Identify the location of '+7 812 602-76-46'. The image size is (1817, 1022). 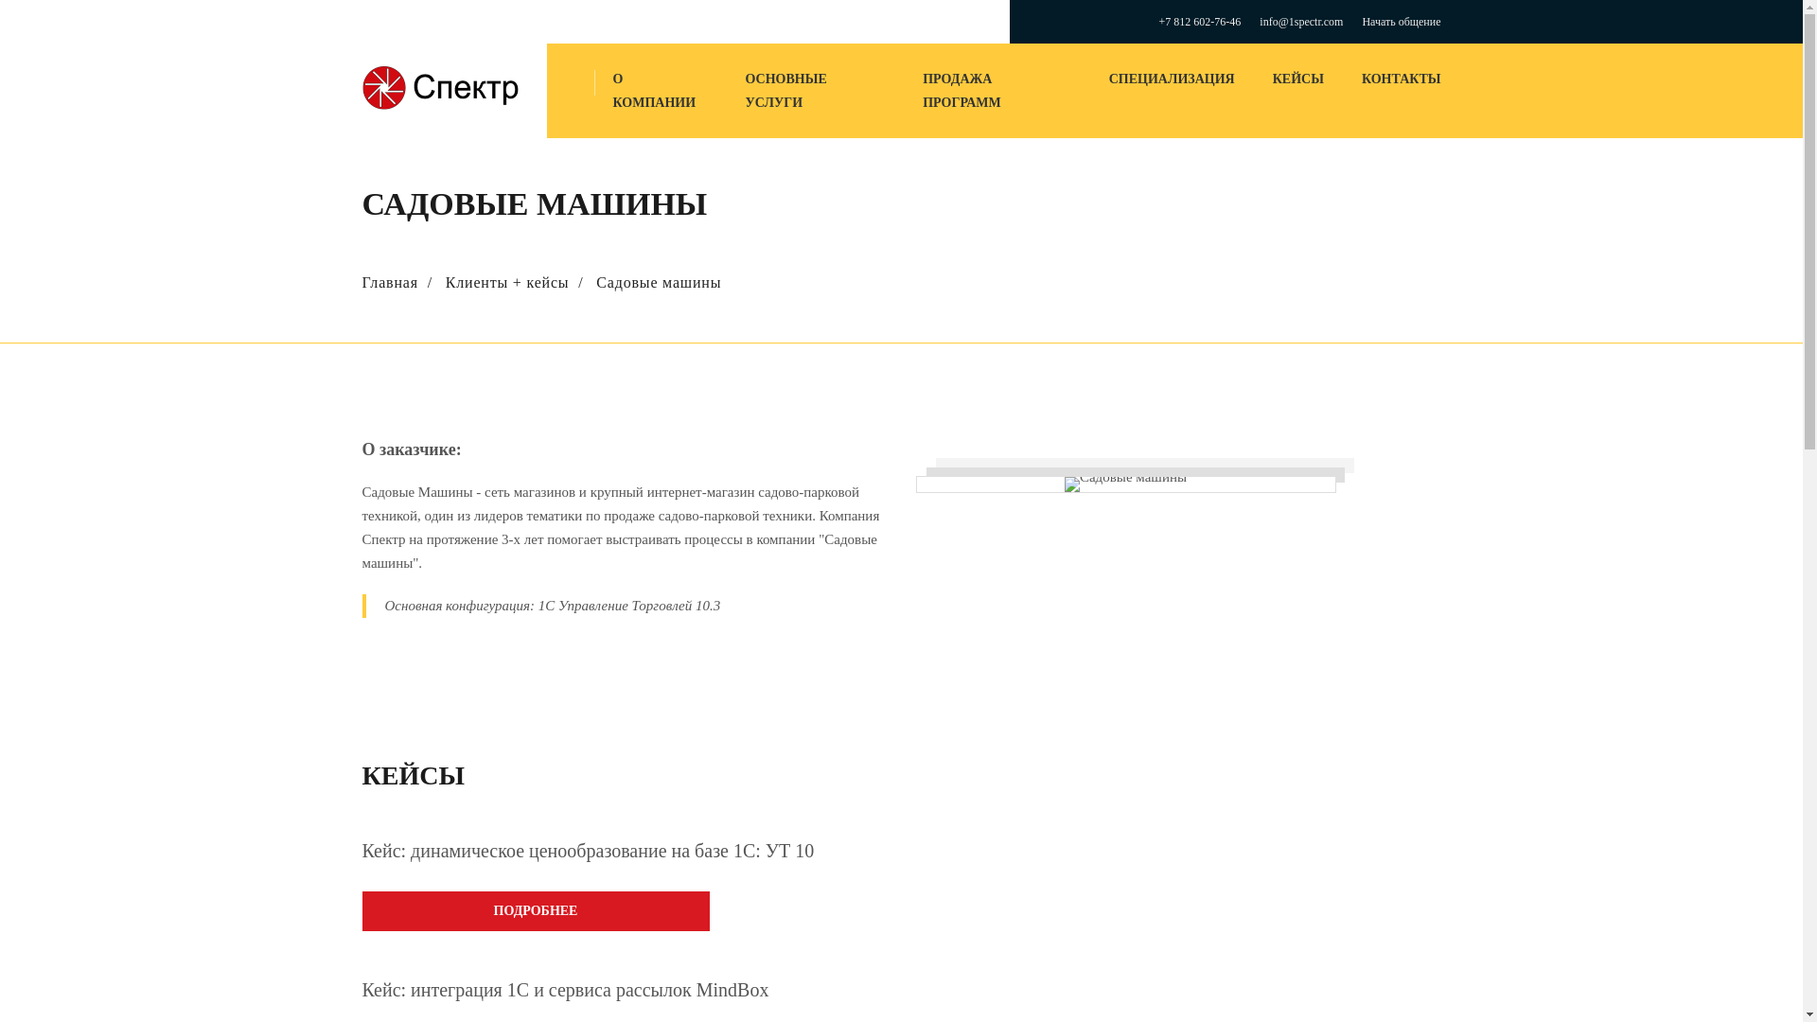
(1199, 22).